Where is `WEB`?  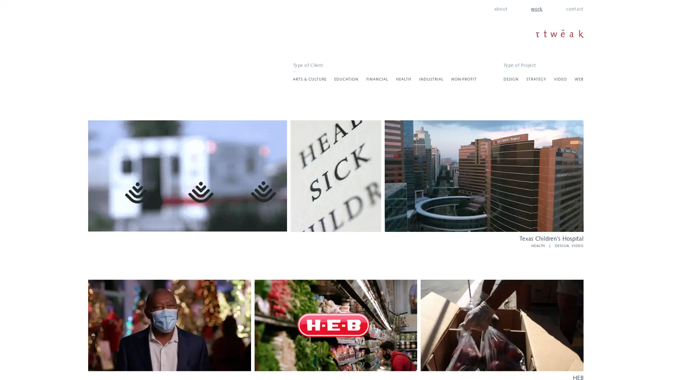 WEB is located at coordinates (579, 79).